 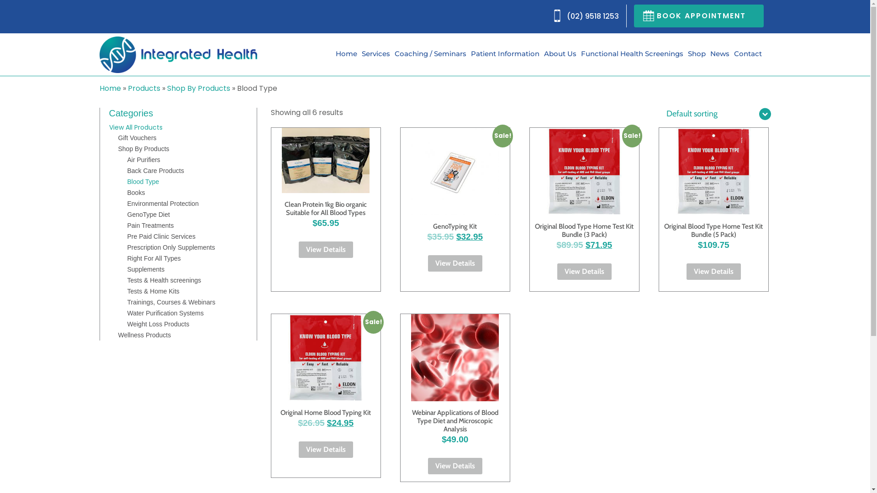 What do you see at coordinates (361, 54) in the screenshot?
I see `'Services'` at bounding box center [361, 54].